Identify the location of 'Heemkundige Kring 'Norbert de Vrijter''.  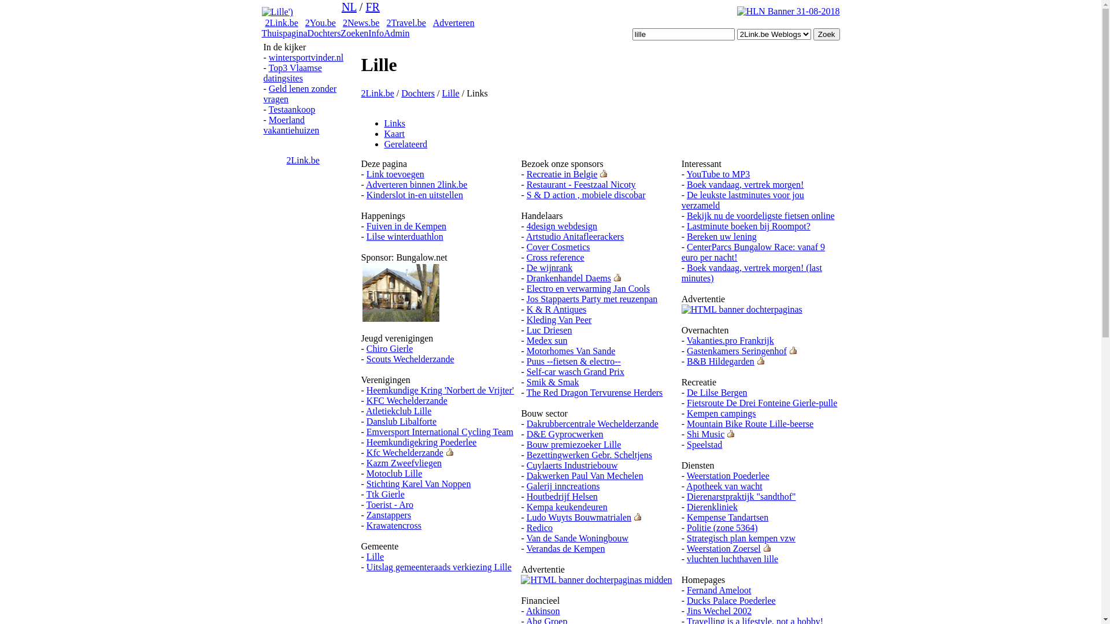
(439, 390).